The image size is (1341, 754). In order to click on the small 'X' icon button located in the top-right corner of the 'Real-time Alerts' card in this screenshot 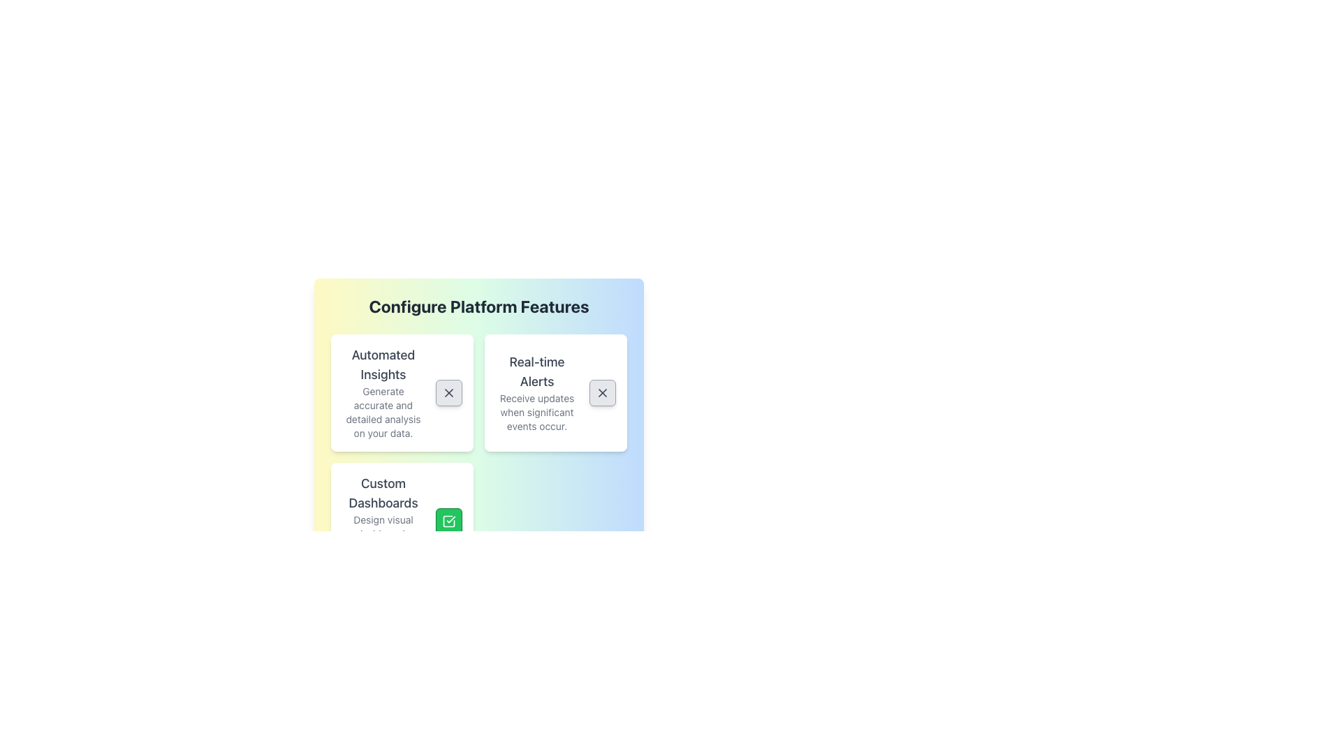, I will do `click(603, 393)`.